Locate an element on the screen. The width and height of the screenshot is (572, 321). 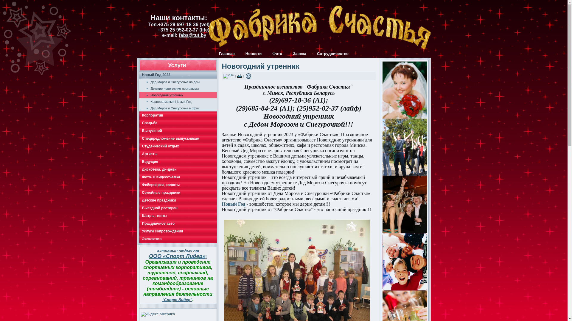
'E-mail' is located at coordinates (248, 75).